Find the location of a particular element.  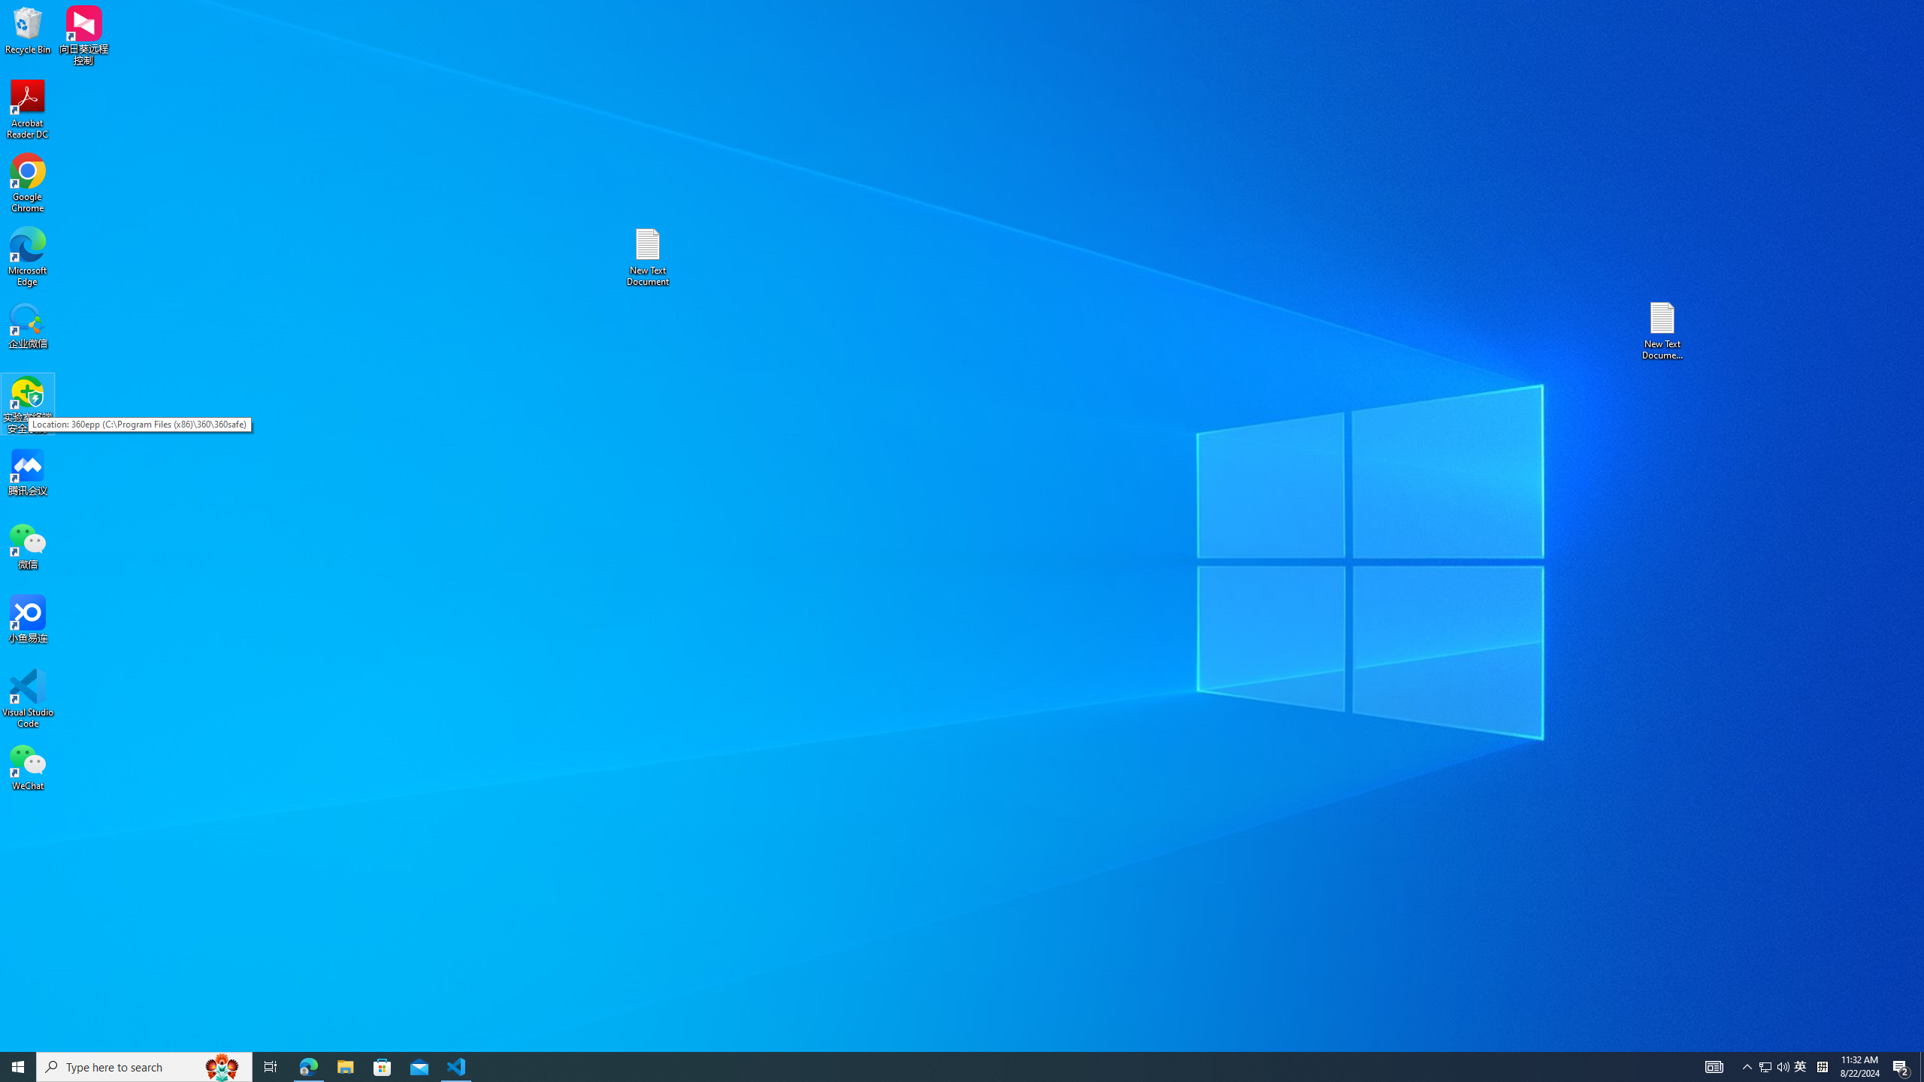

'New Text Document' is located at coordinates (646, 256).